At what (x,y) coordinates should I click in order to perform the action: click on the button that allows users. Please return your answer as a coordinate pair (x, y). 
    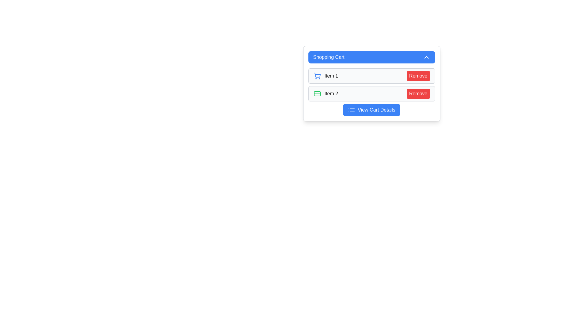
    Looking at the image, I should click on (371, 109).